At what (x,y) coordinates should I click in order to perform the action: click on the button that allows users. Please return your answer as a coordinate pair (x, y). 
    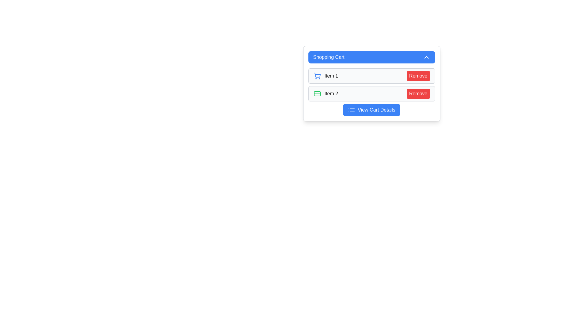
    Looking at the image, I should click on (371, 109).